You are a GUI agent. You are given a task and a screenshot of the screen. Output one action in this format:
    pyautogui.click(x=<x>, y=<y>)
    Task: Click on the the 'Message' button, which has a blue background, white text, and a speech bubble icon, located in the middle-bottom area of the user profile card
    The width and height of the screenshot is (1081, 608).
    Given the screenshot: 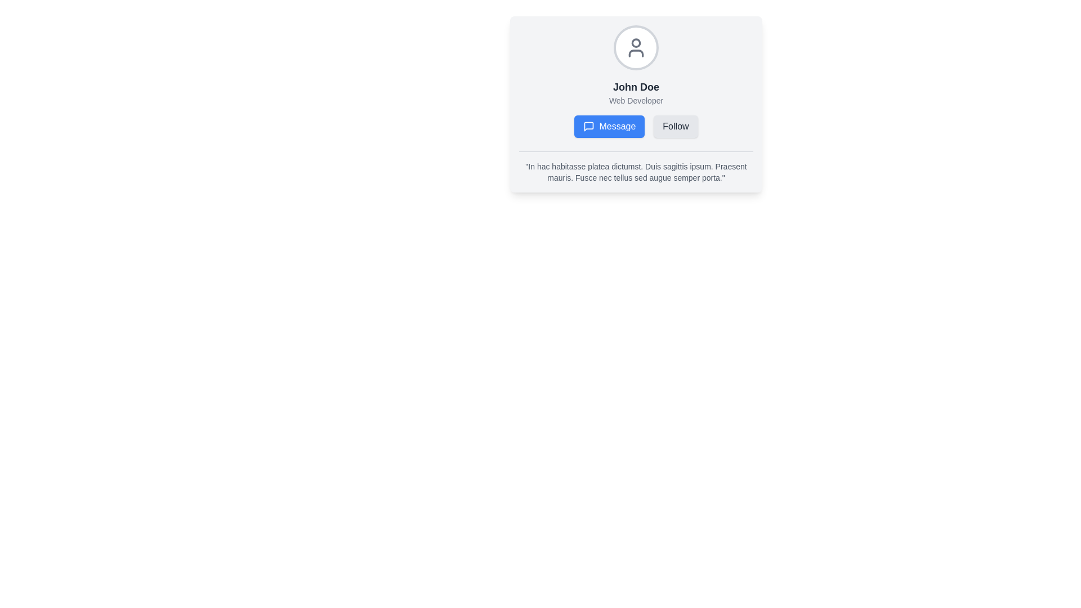 What is the action you would take?
    pyautogui.click(x=609, y=126)
    